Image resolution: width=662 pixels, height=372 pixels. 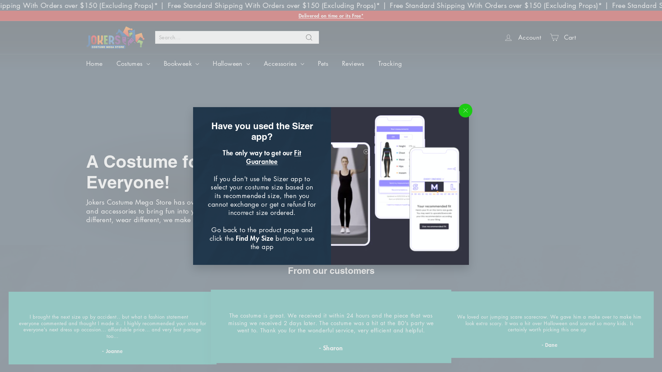 What do you see at coordinates (465, 110) in the screenshot?
I see `'"Close (esc)"'` at bounding box center [465, 110].